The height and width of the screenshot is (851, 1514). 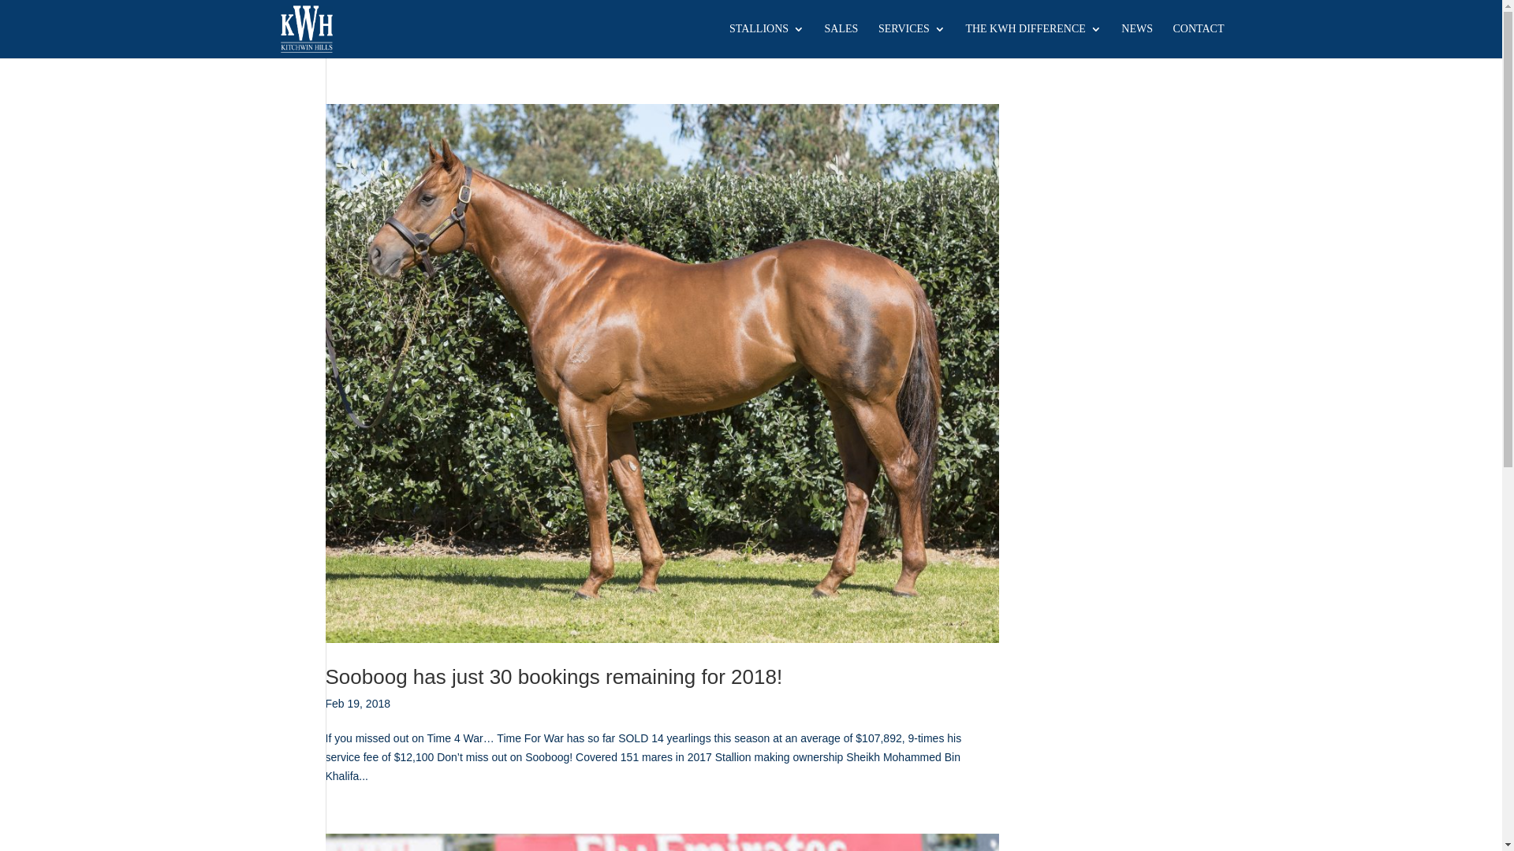 What do you see at coordinates (841, 39) in the screenshot?
I see `'SALES'` at bounding box center [841, 39].